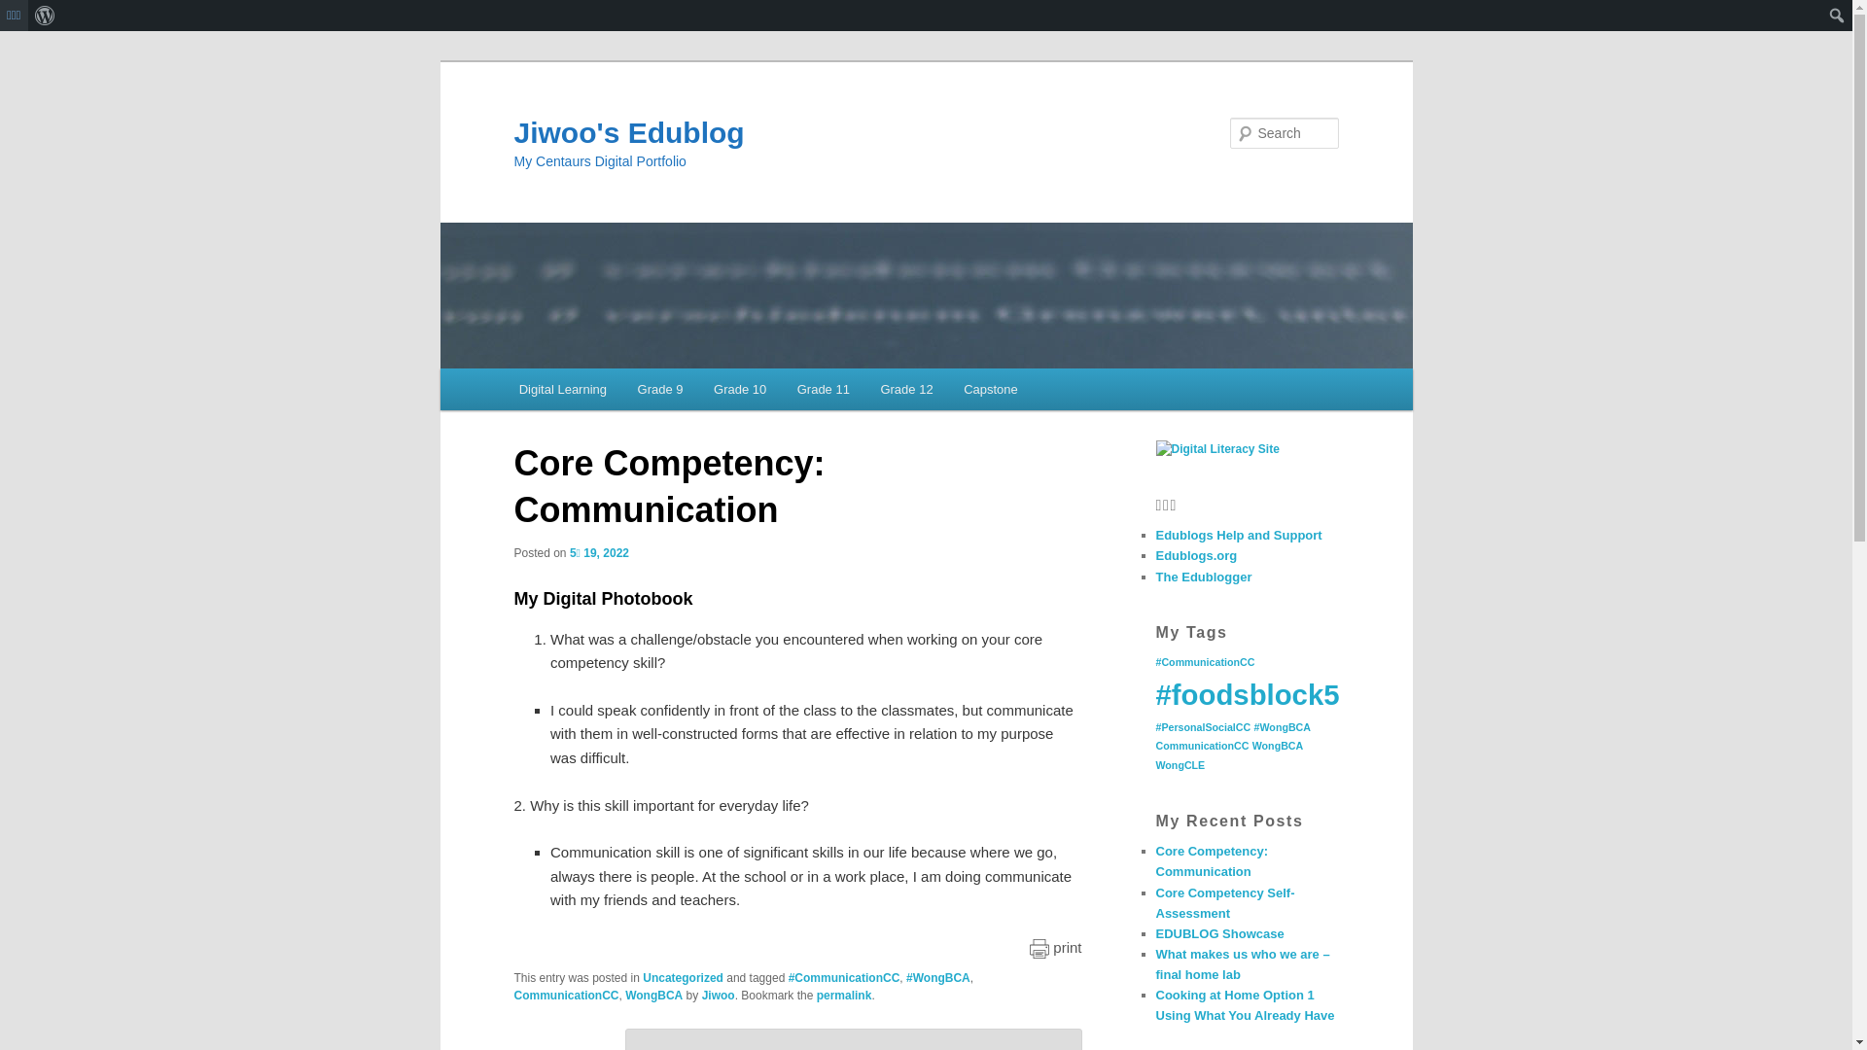 The image size is (1867, 1050). What do you see at coordinates (683, 978) in the screenshot?
I see `'Uncategorized'` at bounding box center [683, 978].